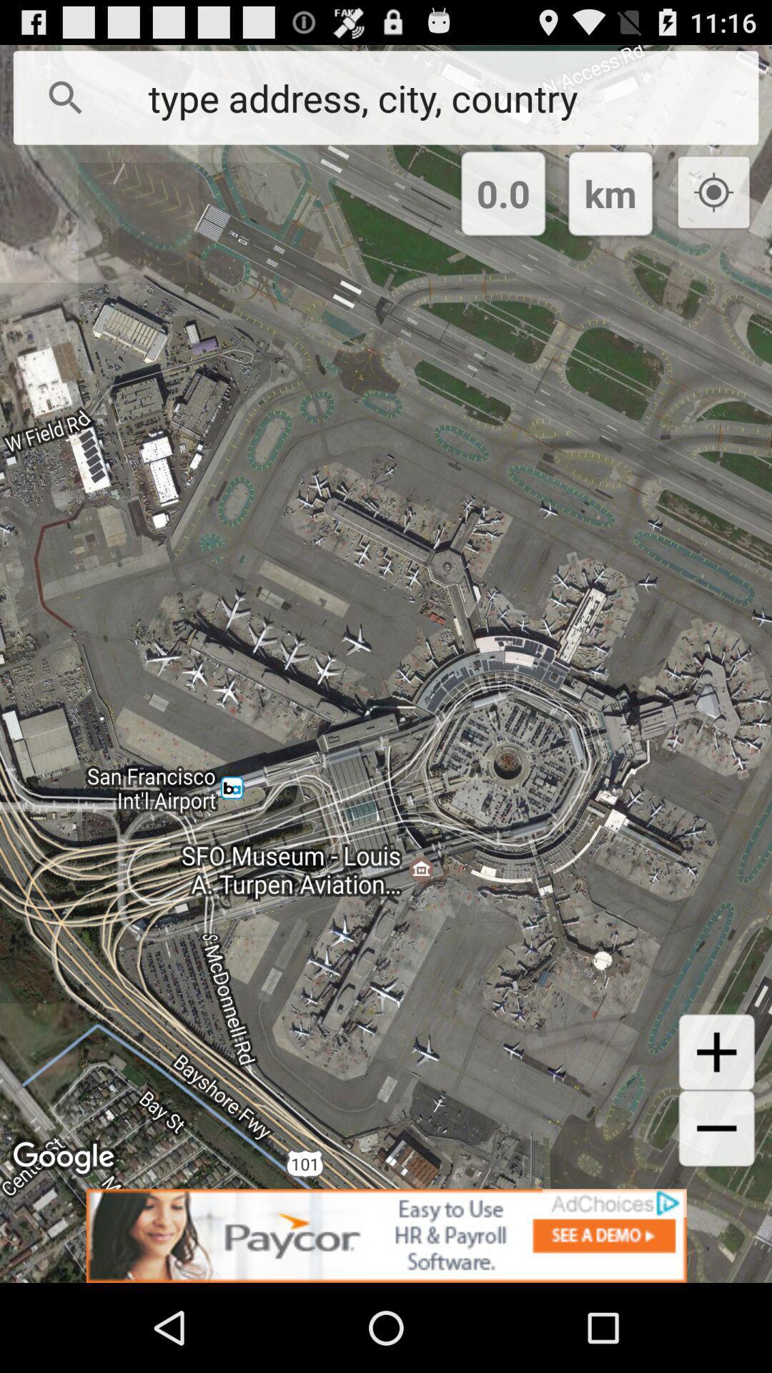 Image resolution: width=772 pixels, height=1373 pixels. Describe the element at coordinates (716, 1052) in the screenshot. I see `zoom in` at that location.